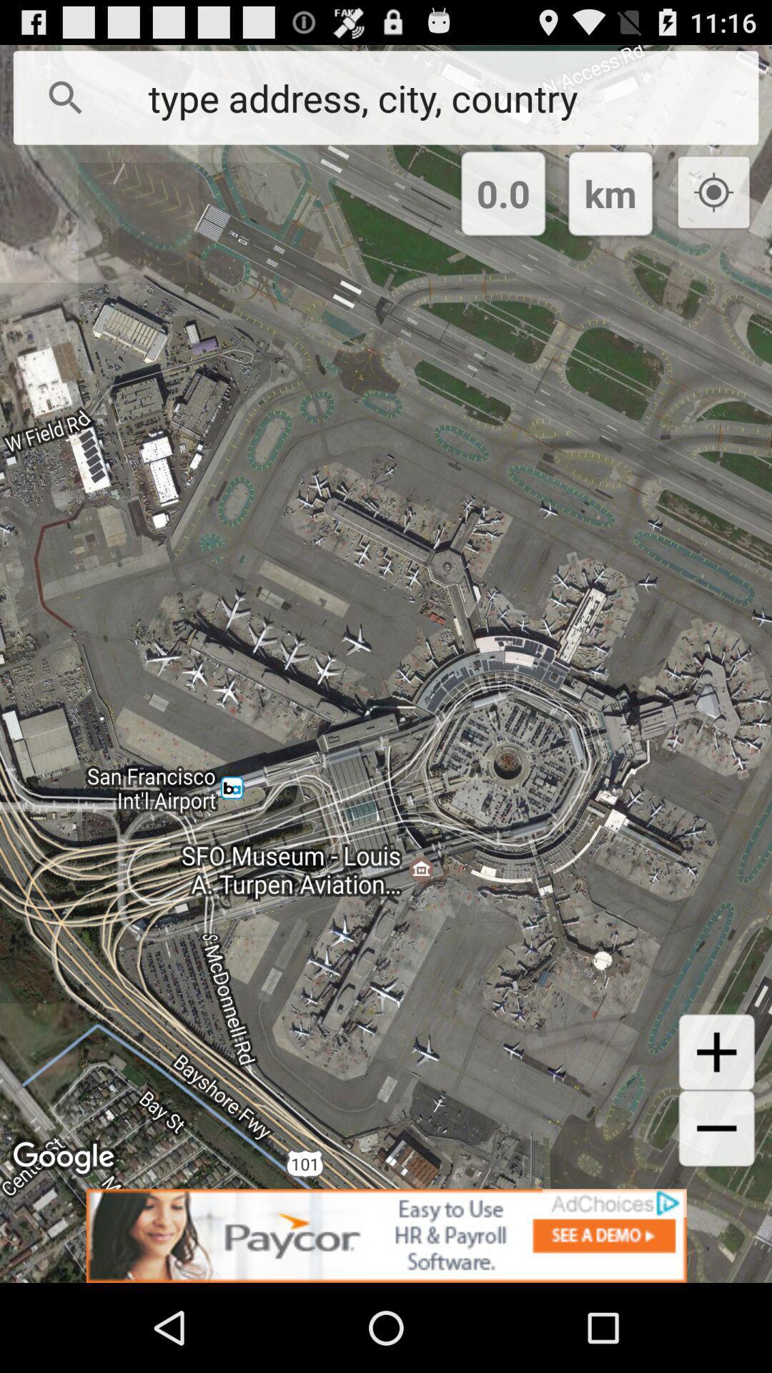 Image resolution: width=772 pixels, height=1373 pixels. Describe the element at coordinates (716, 1052) in the screenshot. I see `zoom in` at that location.